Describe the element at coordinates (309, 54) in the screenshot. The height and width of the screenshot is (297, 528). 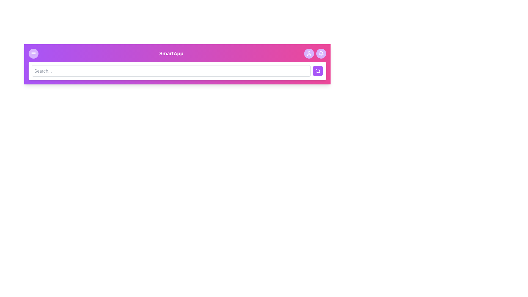
I see `the user profile icon, which is a small white outline drawing with a purple circular background located at the top-right corner of the interface` at that location.